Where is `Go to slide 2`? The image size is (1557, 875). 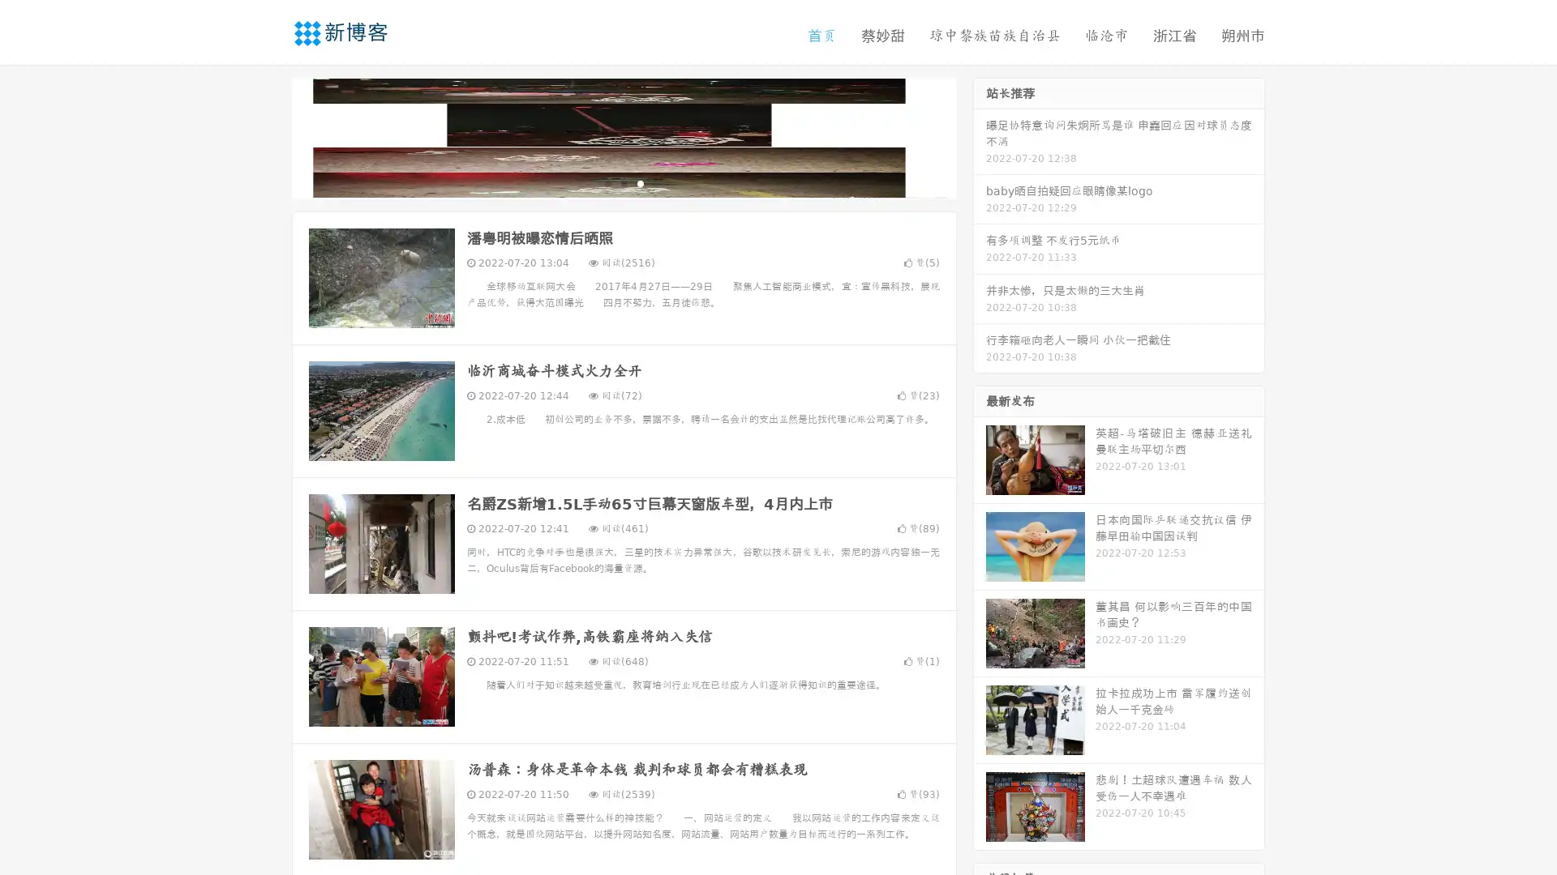
Go to slide 2 is located at coordinates (623, 182).